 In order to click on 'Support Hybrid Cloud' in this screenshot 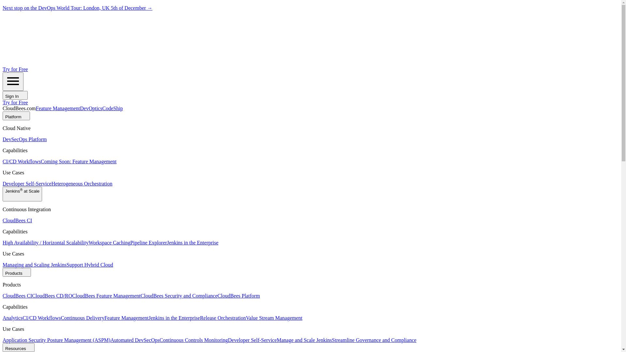, I will do `click(89, 265)`.